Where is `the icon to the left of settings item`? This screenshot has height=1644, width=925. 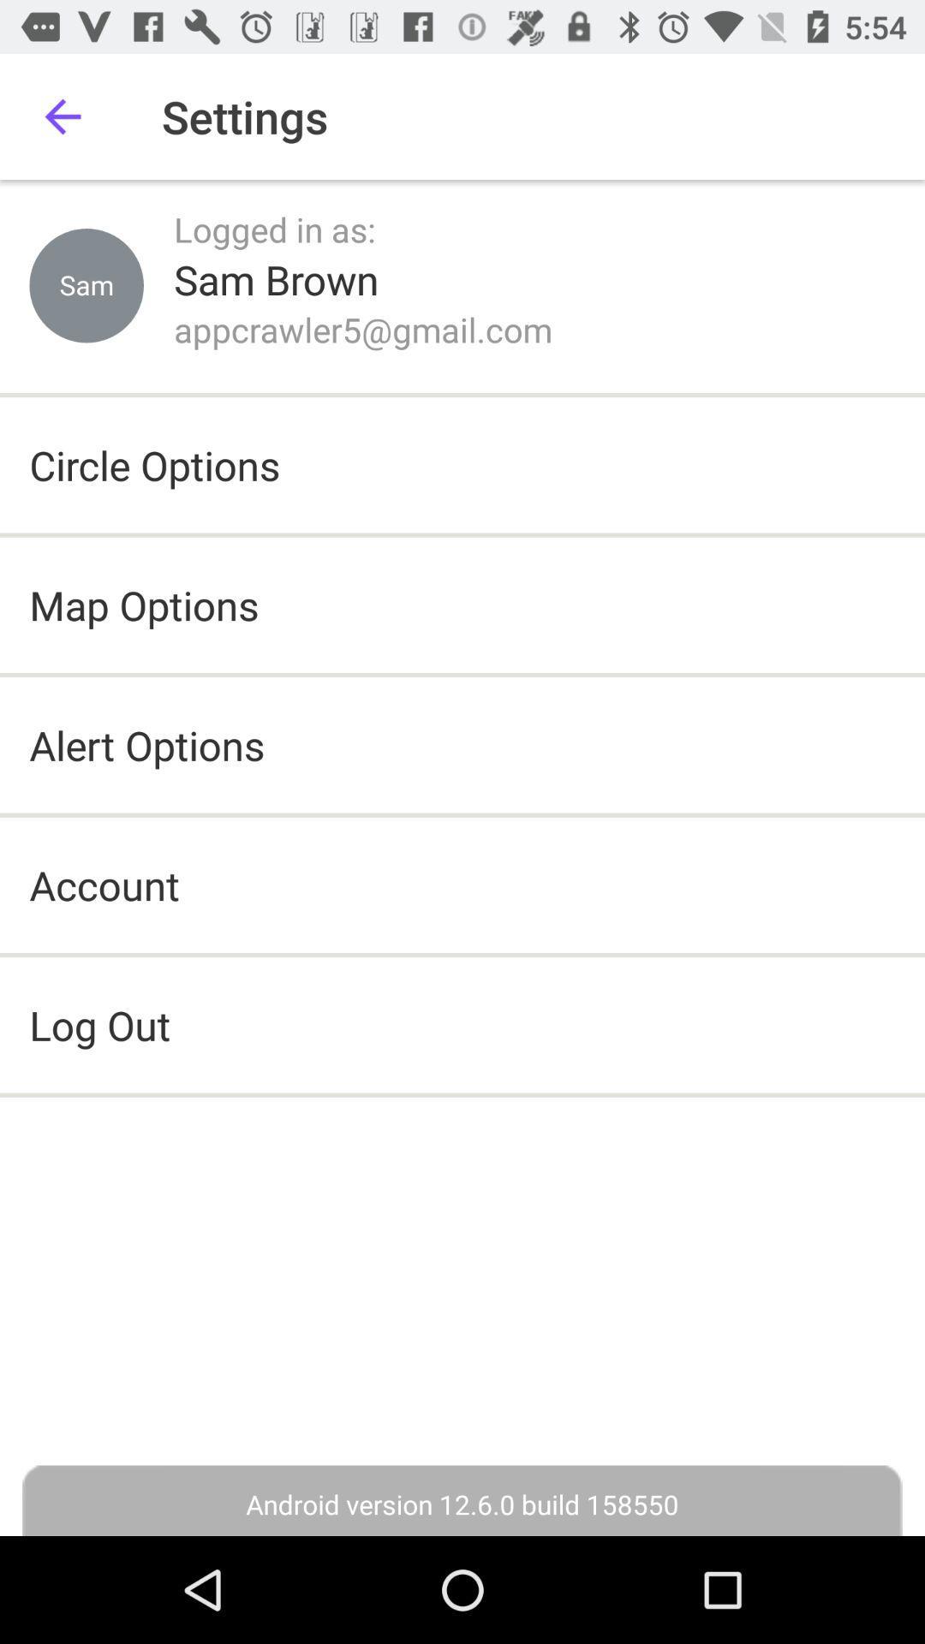
the icon to the left of settings item is located at coordinates (62, 116).